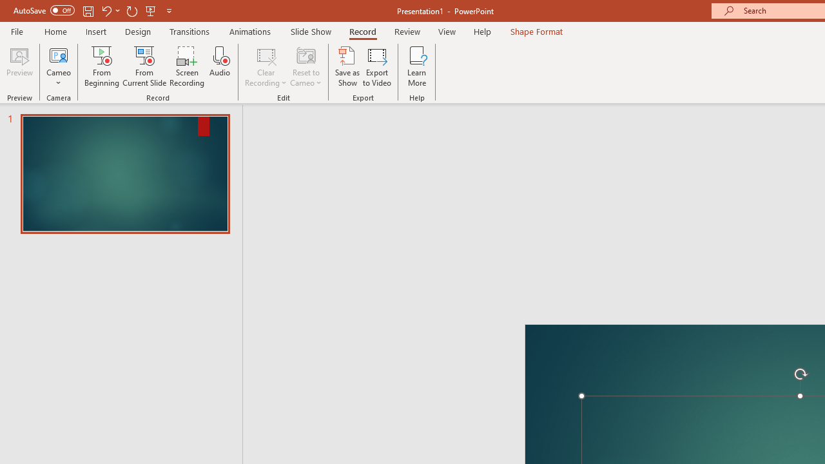 The image size is (825, 464). What do you see at coordinates (138, 31) in the screenshot?
I see `'Design'` at bounding box center [138, 31].